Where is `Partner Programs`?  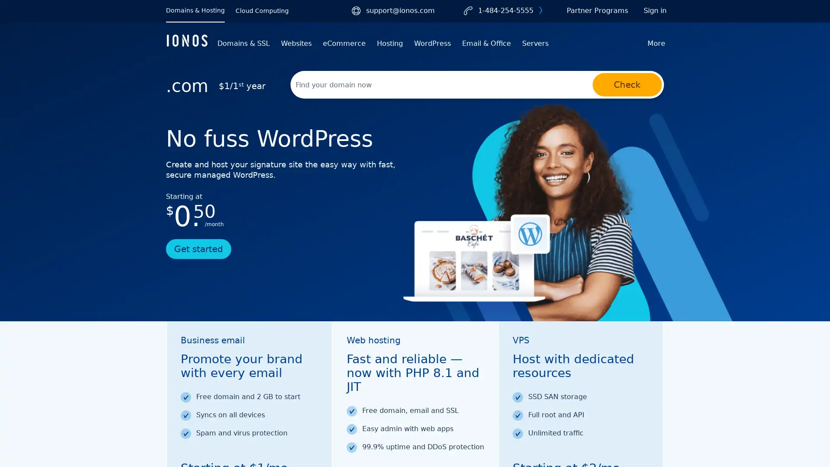
Partner Programs is located at coordinates (597, 10).